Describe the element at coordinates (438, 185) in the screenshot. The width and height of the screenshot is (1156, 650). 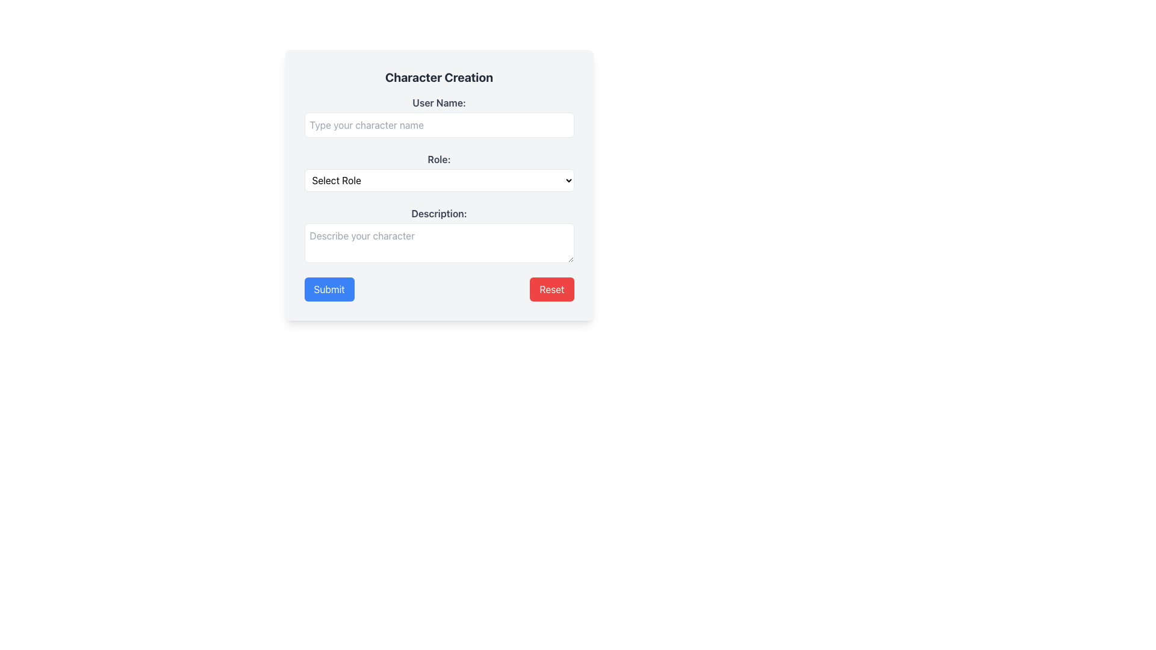
I see `the dropdown menu labeled 'Select Role'` at that location.